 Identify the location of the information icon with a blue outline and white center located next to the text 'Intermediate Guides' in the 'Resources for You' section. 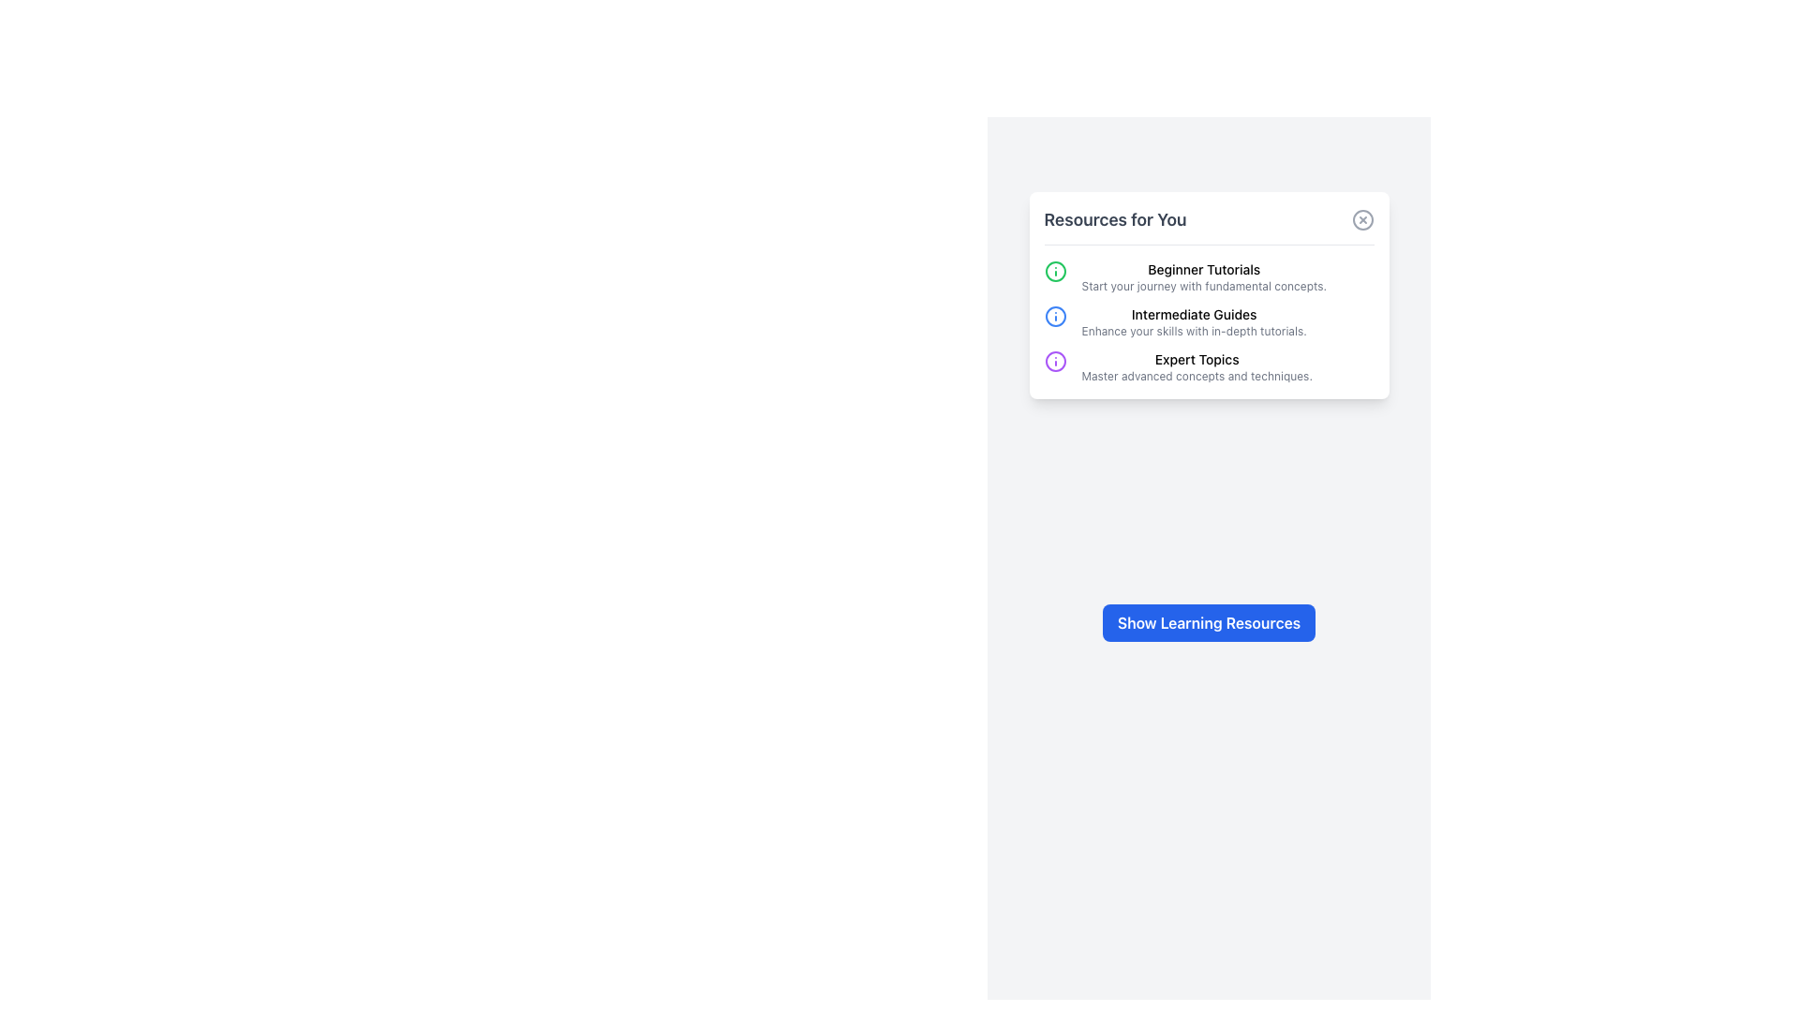
(1055, 316).